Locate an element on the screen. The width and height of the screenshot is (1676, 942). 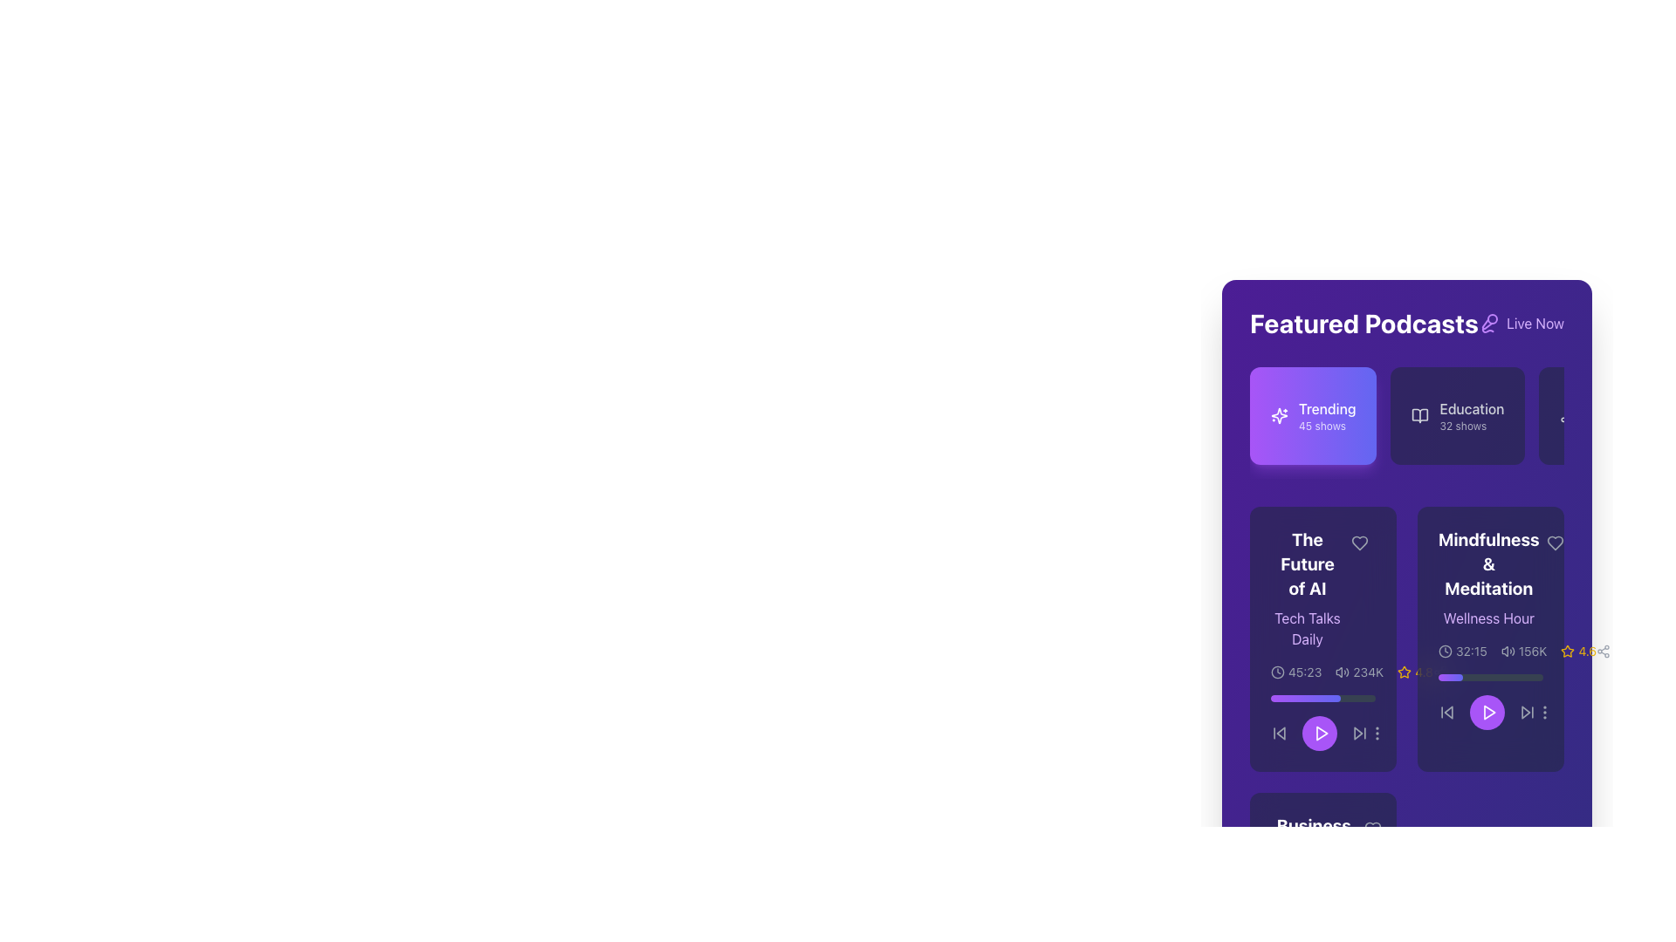
the Icon button located at the bottom-right of the 'Mindfulness & Meditation' podcast card to skip forward in the audio playback is located at coordinates (1527, 713).